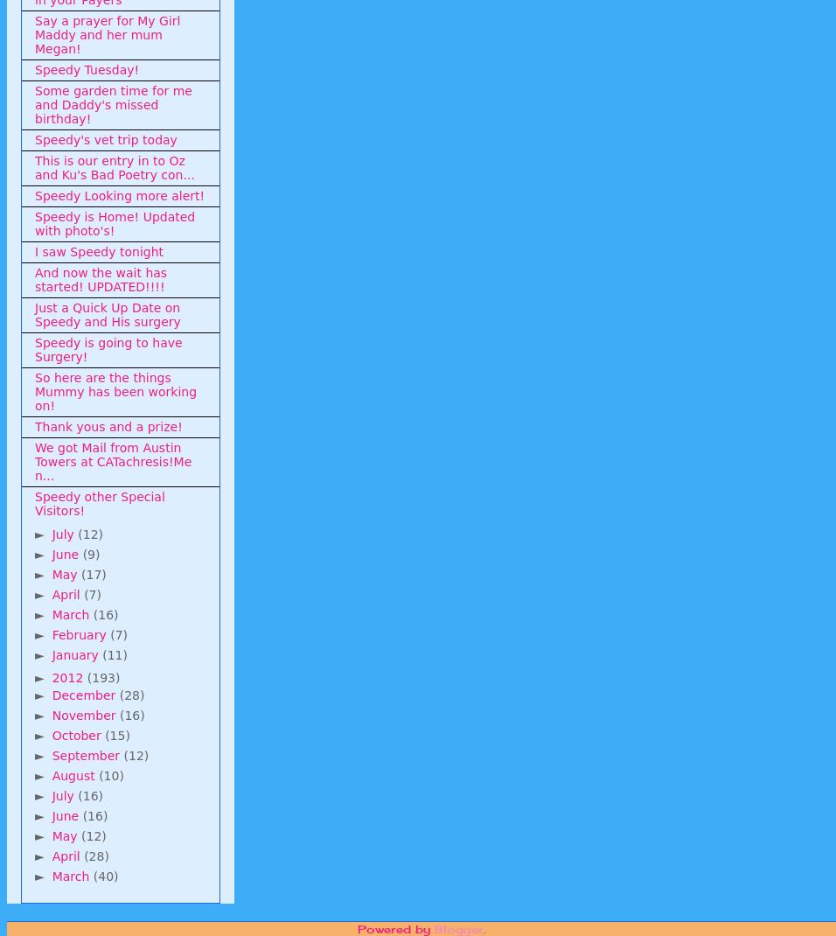  I want to click on 'October', so click(50, 734).